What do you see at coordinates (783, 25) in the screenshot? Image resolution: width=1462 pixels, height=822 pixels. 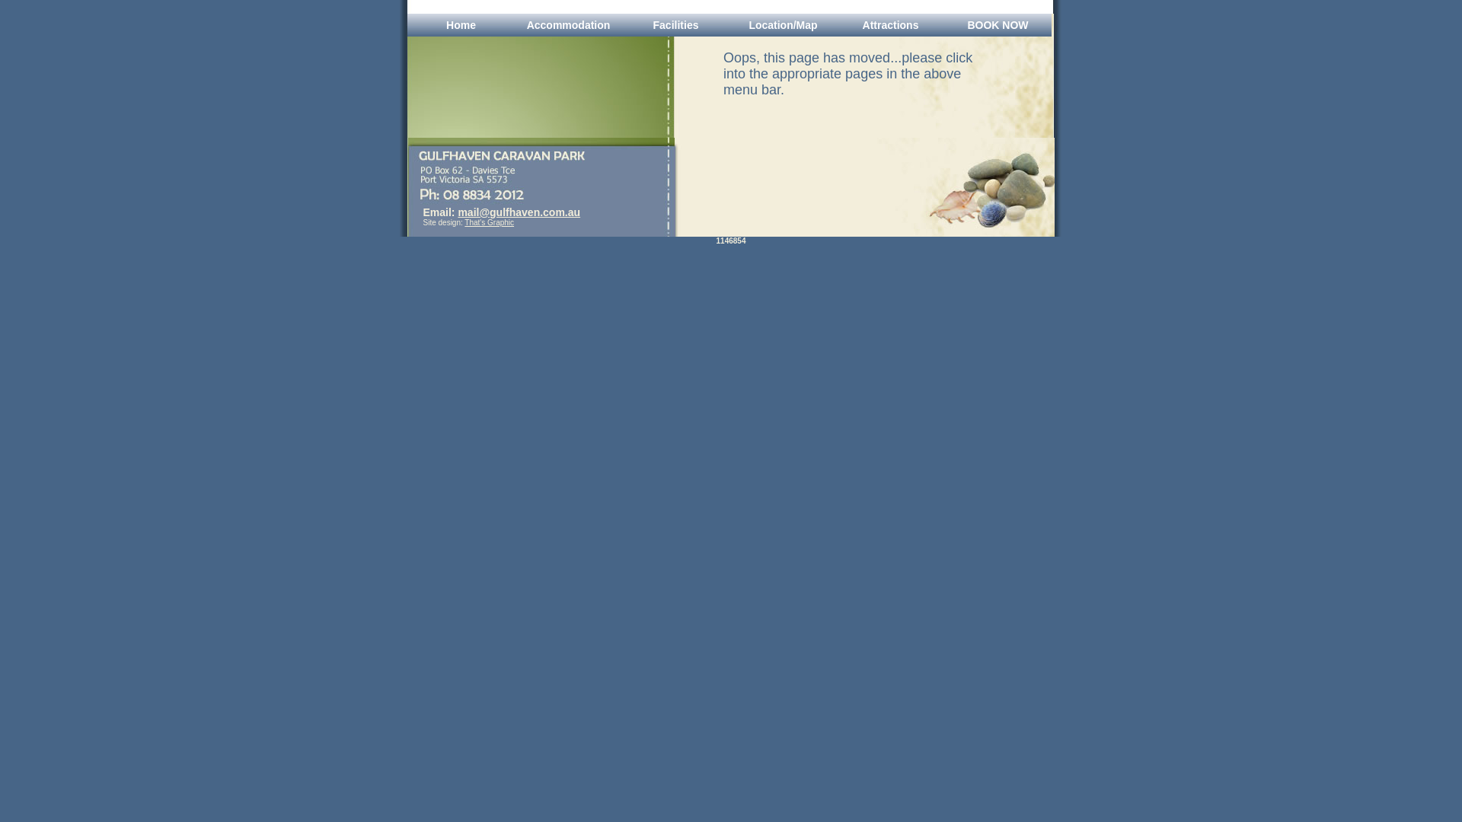 I see `'Location/Map'` at bounding box center [783, 25].